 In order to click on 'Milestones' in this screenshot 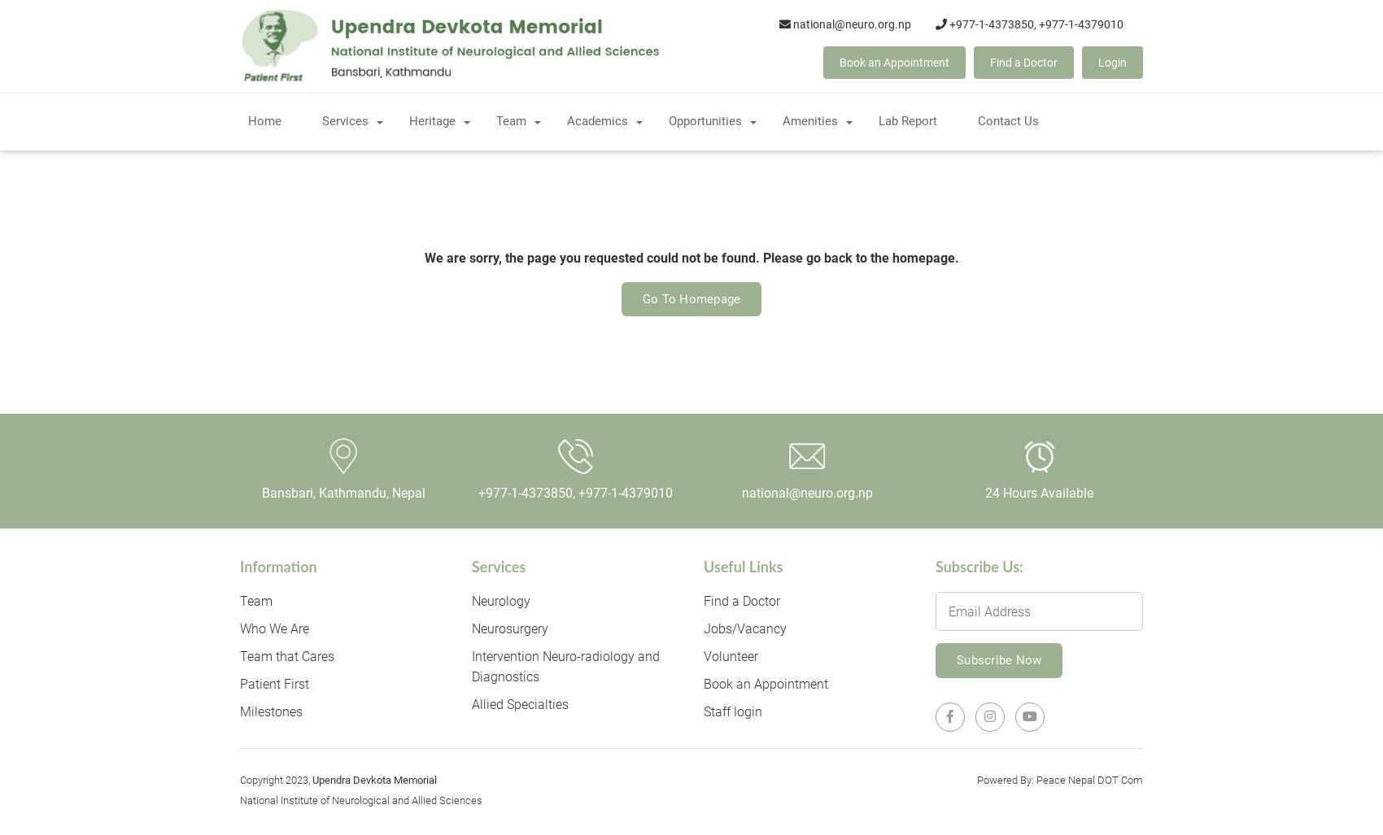, I will do `click(270, 711)`.